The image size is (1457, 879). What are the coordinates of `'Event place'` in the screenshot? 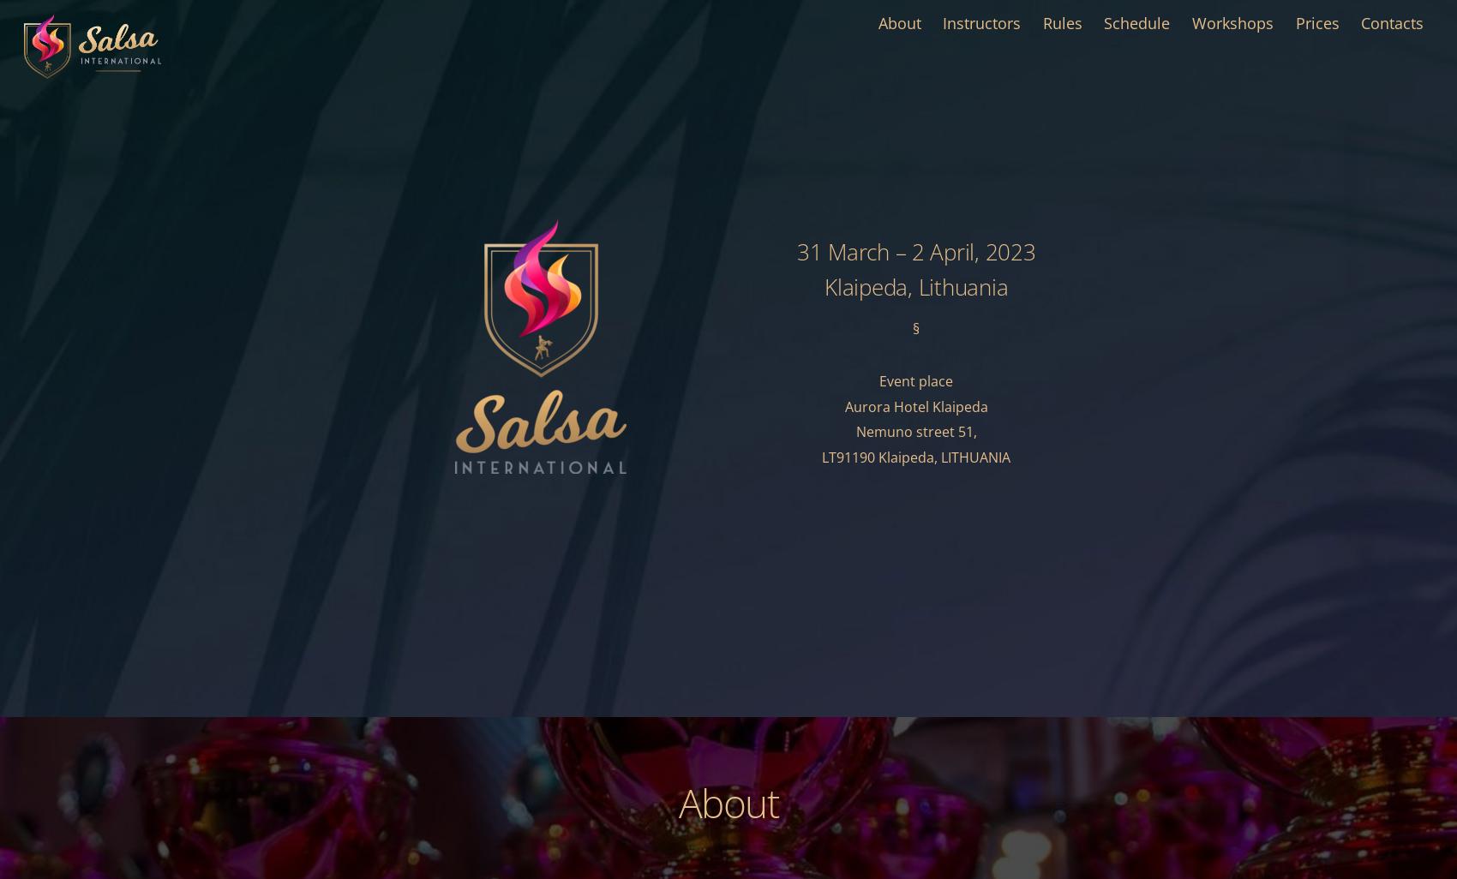 It's located at (915, 380).